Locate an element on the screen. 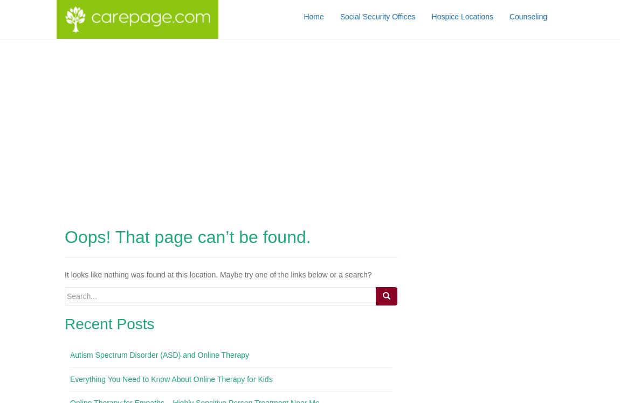 The height and width of the screenshot is (403, 620). 'Autism Spectrum Disorder (ASD) and Online Therapy' is located at coordinates (159, 355).